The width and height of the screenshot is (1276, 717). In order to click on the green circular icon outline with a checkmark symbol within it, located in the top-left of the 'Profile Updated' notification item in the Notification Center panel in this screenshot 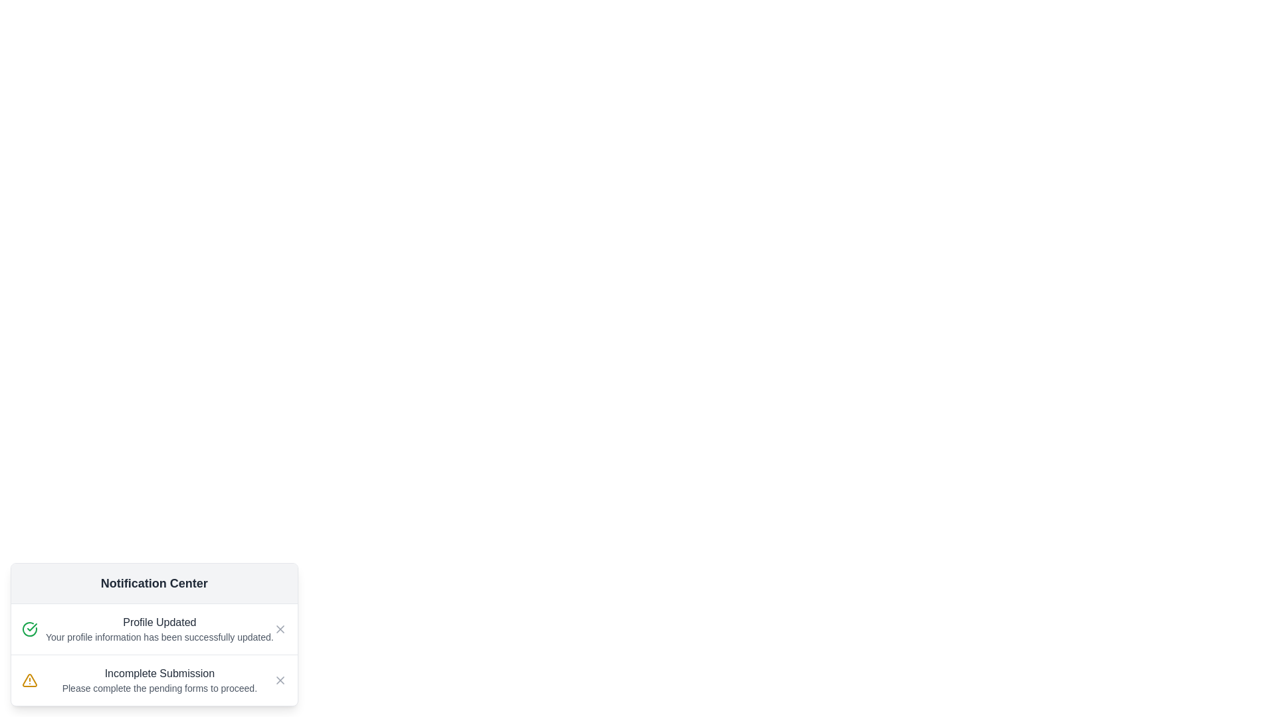, I will do `click(29, 629)`.